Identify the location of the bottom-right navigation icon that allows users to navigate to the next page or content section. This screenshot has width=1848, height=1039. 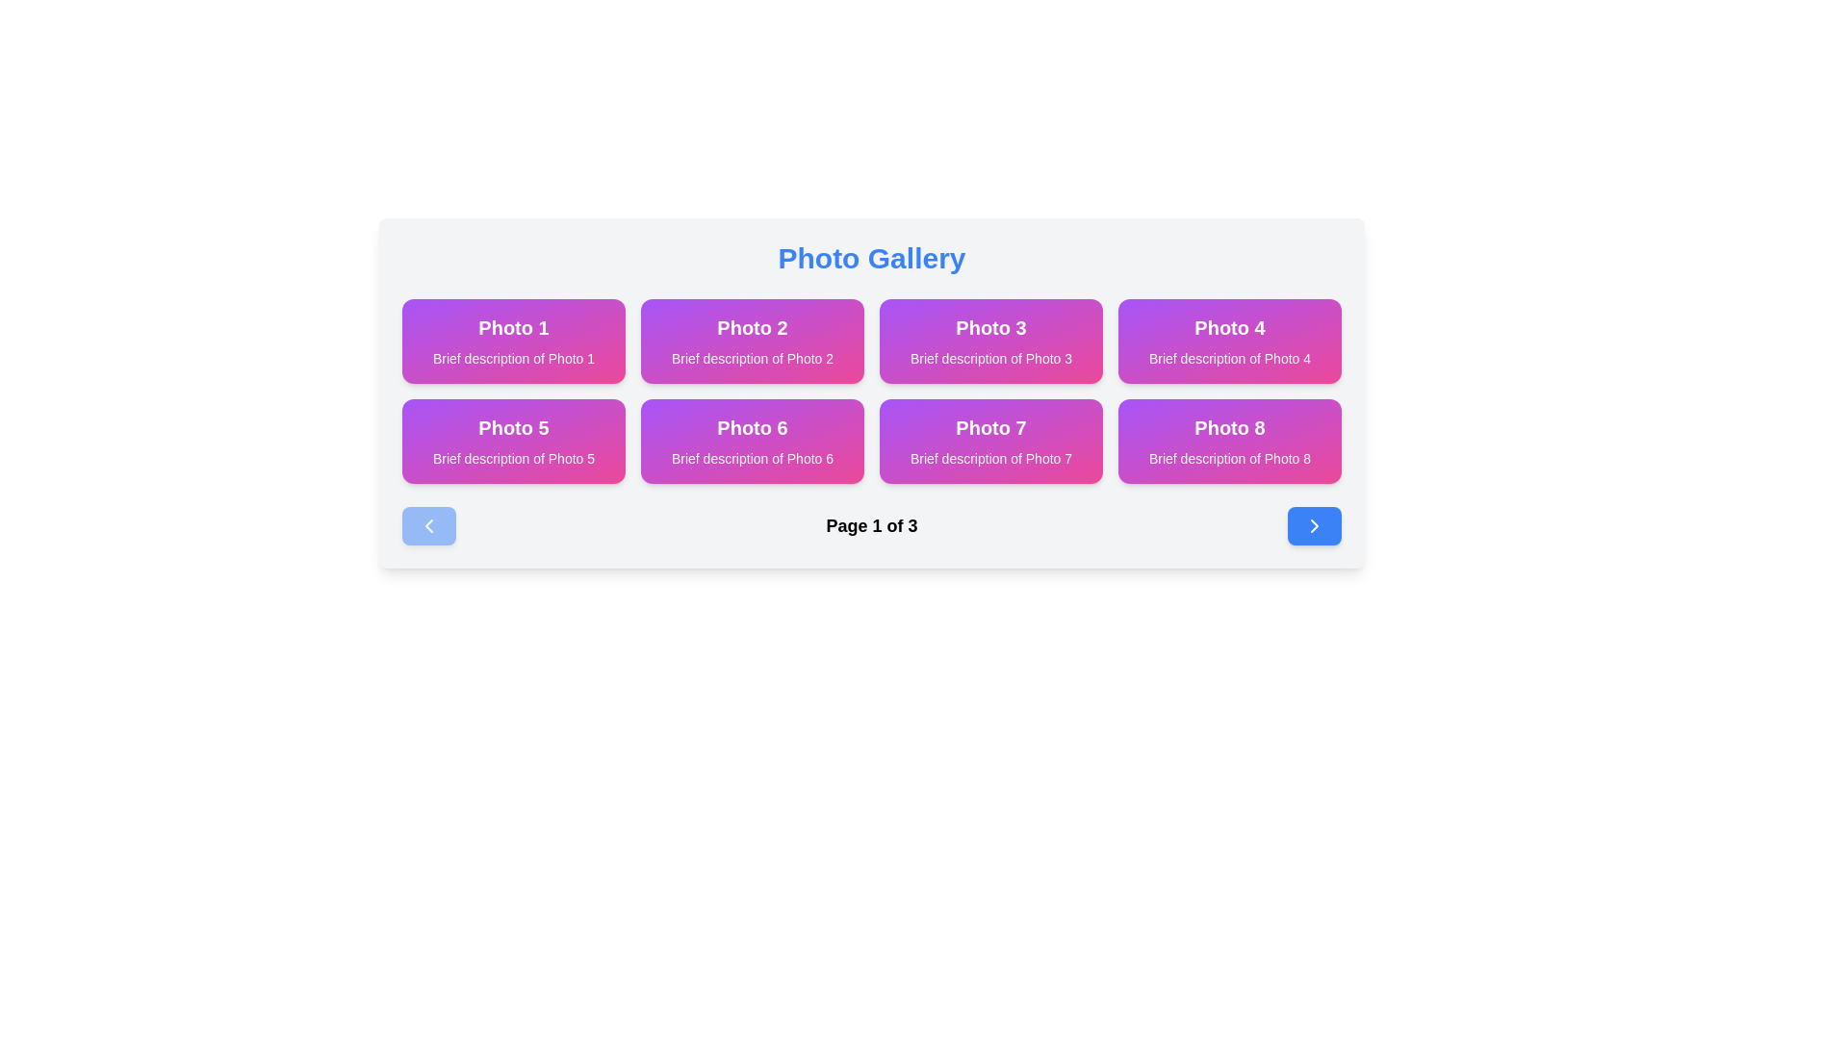
(1314, 526).